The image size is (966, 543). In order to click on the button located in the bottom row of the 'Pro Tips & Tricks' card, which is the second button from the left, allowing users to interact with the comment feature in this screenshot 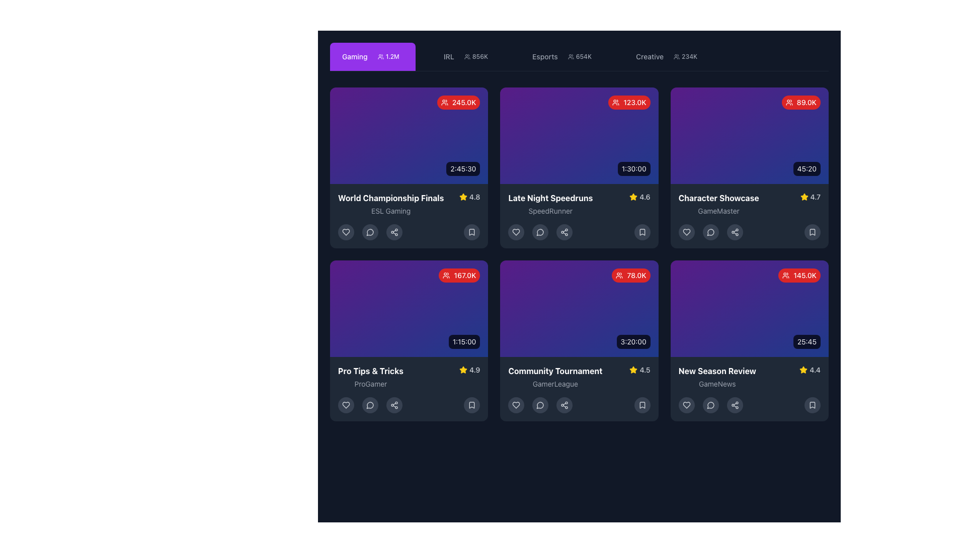, I will do `click(369, 405)`.